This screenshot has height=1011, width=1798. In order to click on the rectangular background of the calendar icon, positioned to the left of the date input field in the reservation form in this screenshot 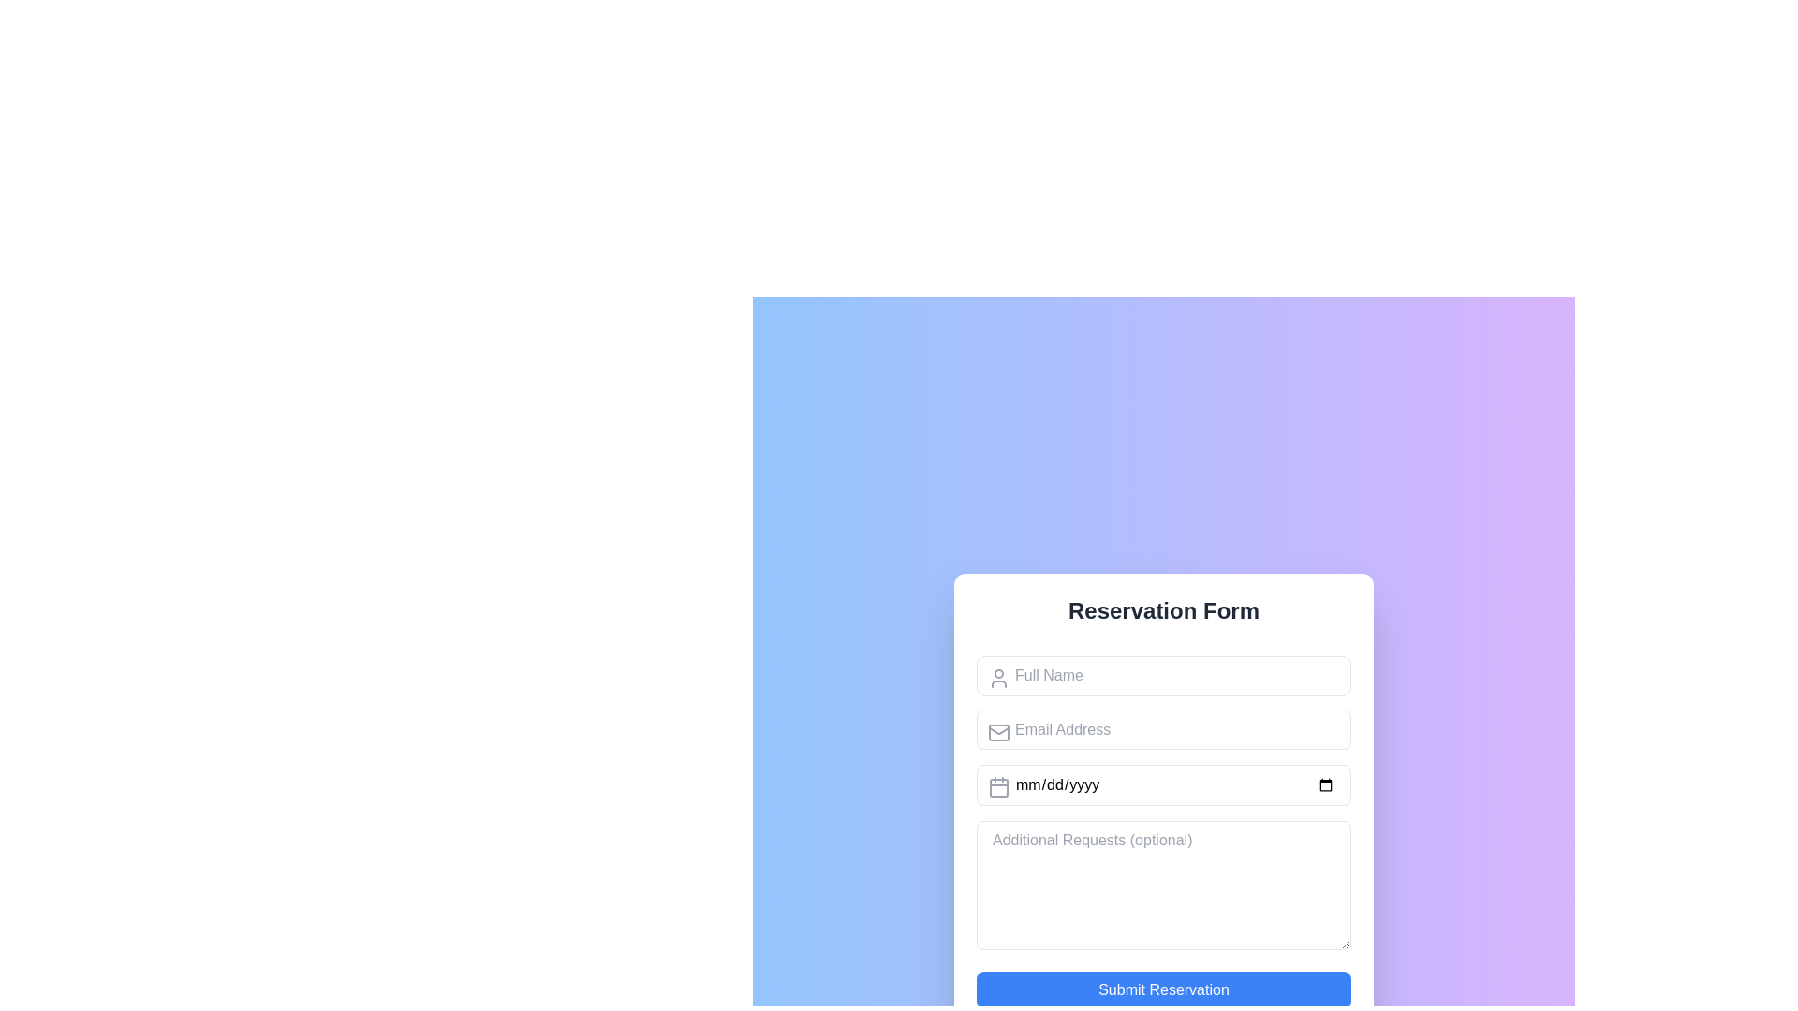, I will do `click(997, 787)`.